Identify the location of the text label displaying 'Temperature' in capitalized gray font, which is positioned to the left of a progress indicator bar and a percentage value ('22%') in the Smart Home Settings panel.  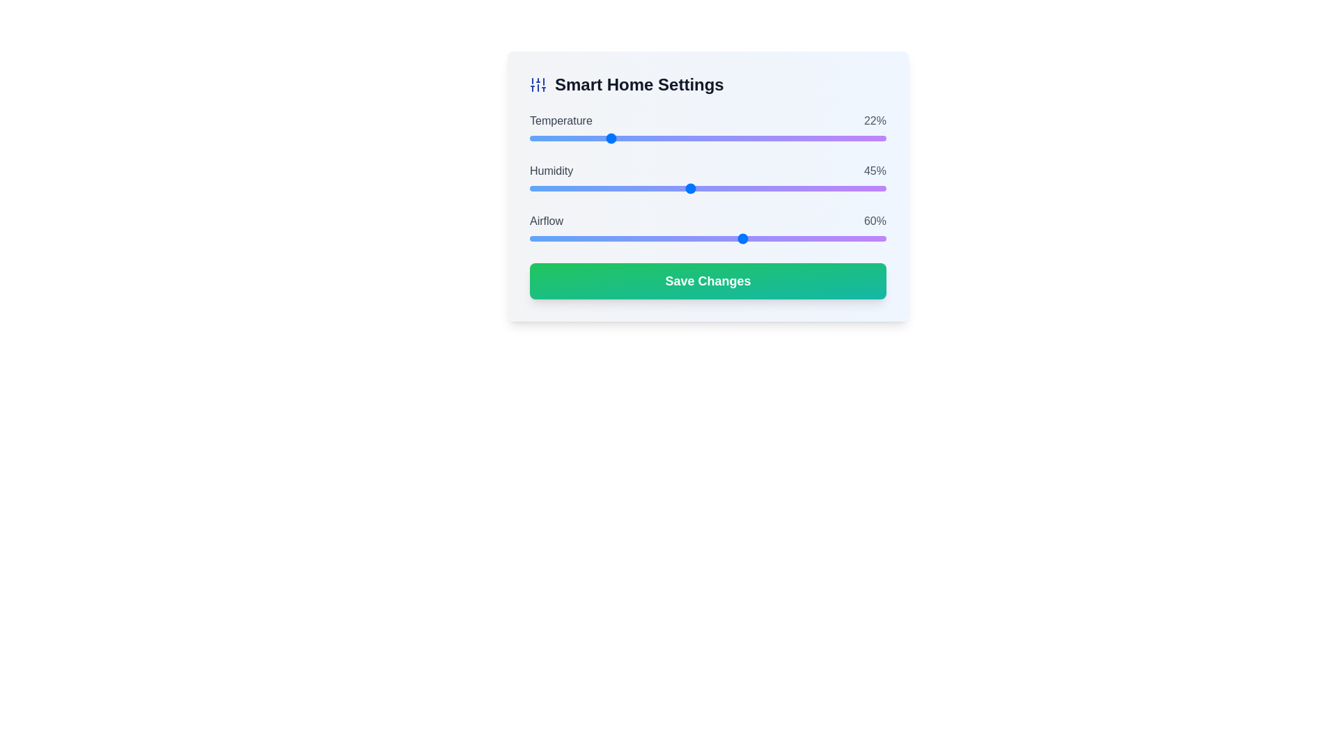
(561, 120).